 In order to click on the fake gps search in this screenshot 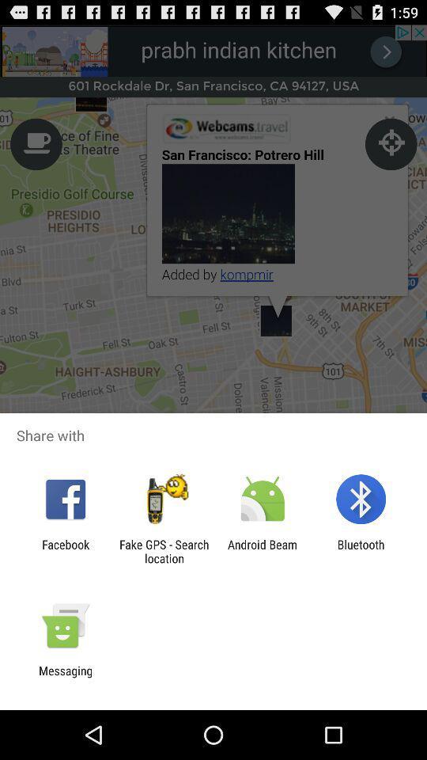, I will do `click(163, 551)`.